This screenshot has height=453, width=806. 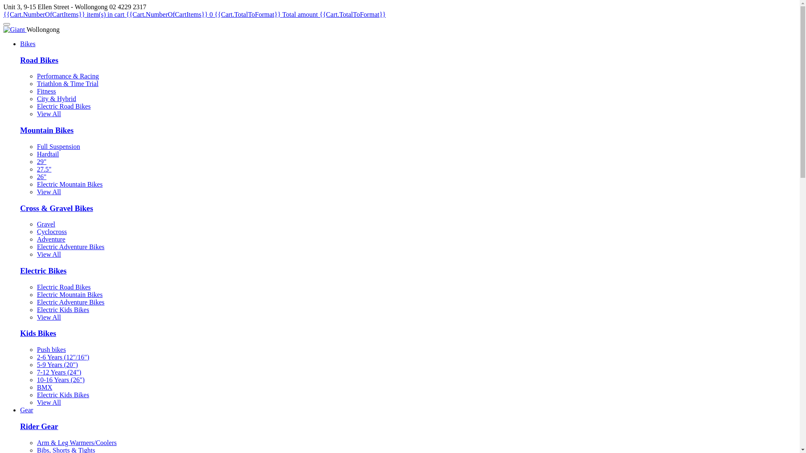 What do you see at coordinates (38, 333) in the screenshot?
I see `'Kids Bikes'` at bounding box center [38, 333].